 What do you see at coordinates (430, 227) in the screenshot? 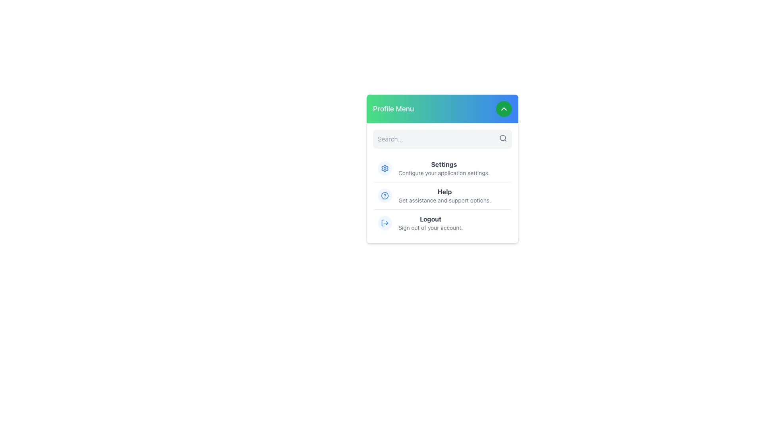
I see `the descriptive text label providing context for the 'Logout' action in the profile menu popup, located directly below the 'Logout' button` at bounding box center [430, 227].